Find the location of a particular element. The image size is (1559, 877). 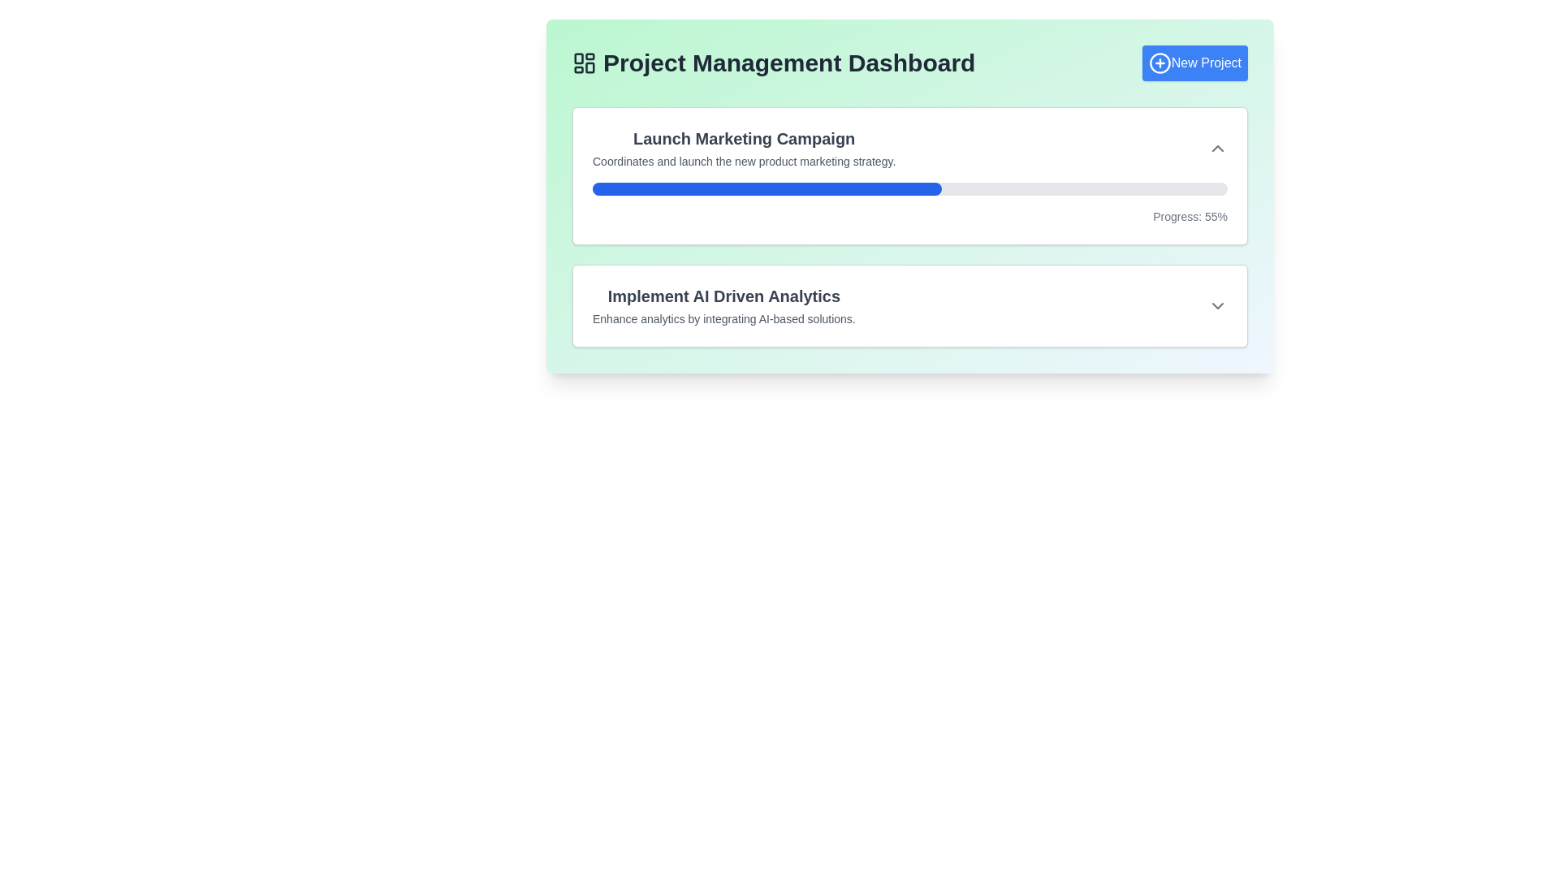

the progress bar that indicates 55% progress, located within the 'Launch Marketing Campaign' card is located at coordinates (910, 202).